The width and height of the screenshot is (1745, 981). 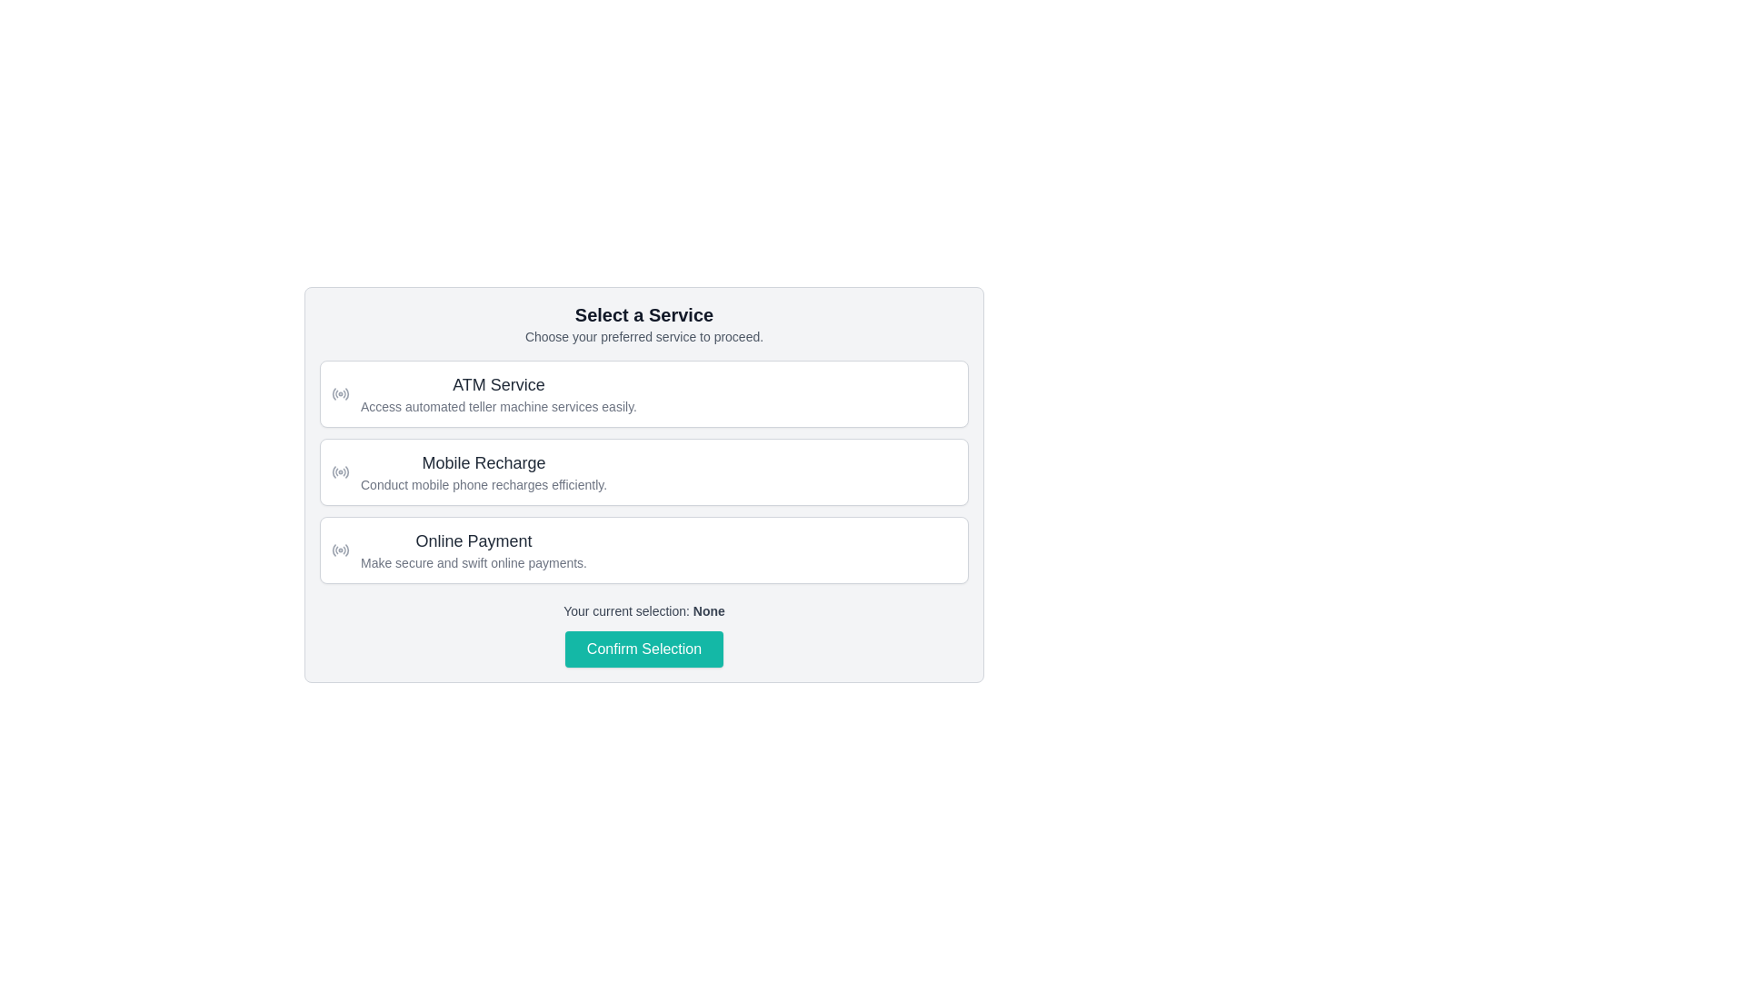 What do you see at coordinates (340, 471) in the screenshot?
I see `the circular icon with a radio wave design, located in the left section of the 'Mobile Recharge' list entry, next to the section's title text` at bounding box center [340, 471].